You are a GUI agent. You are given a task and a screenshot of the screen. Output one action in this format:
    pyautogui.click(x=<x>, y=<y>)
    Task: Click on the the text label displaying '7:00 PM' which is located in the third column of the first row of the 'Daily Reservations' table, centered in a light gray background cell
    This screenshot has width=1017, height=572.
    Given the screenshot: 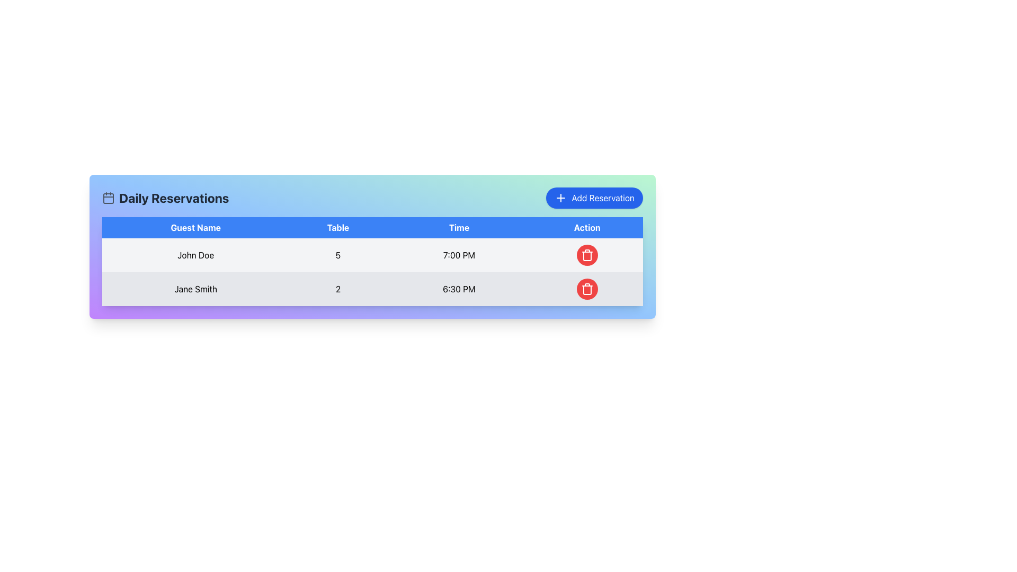 What is the action you would take?
    pyautogui.click(x=459, y=255)
    